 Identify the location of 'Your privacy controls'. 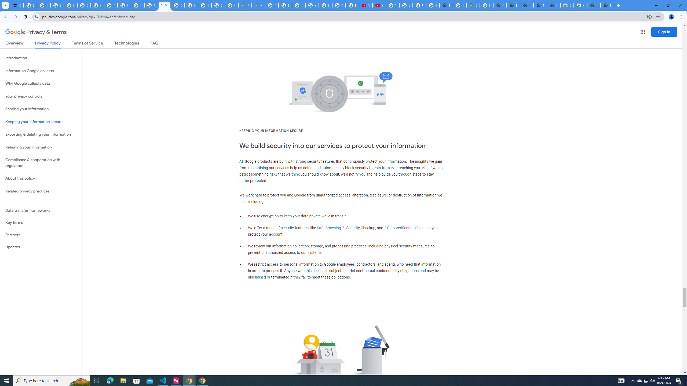
(41, 96).